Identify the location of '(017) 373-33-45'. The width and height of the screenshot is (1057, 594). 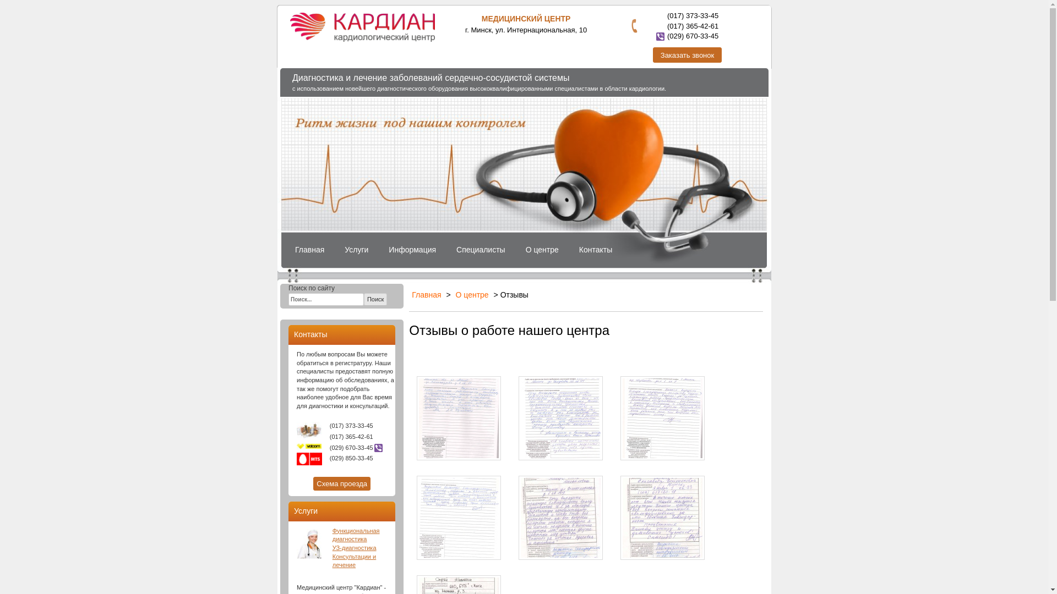
(692, 15).